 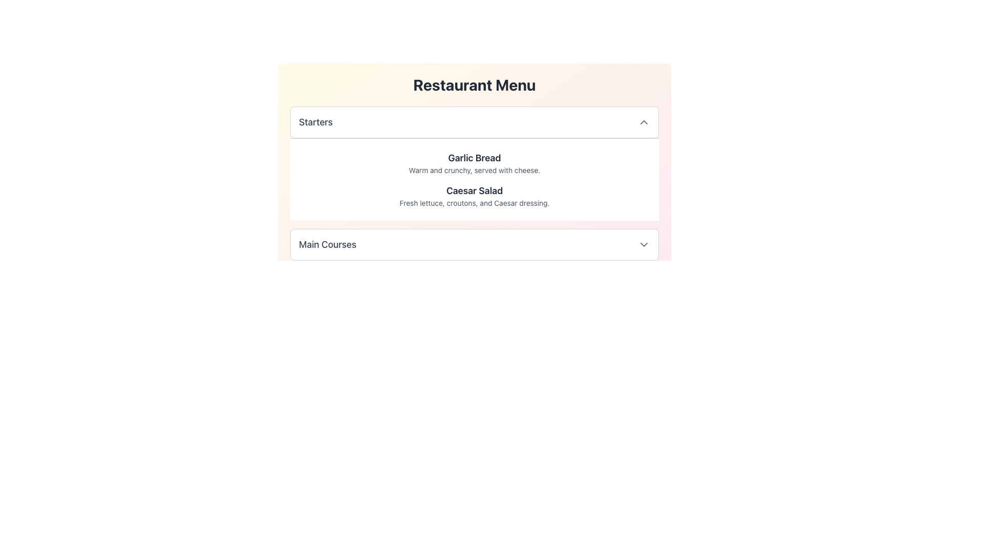 What do you see at coordinates (474, 190) in the screenshot?
I see `descriptive title for the 'Caesar Salad' menu item located in the 'Starters' category, positioned between the 'Garlic Bread' description and its own ingredients` at bounding box center [474, 190].